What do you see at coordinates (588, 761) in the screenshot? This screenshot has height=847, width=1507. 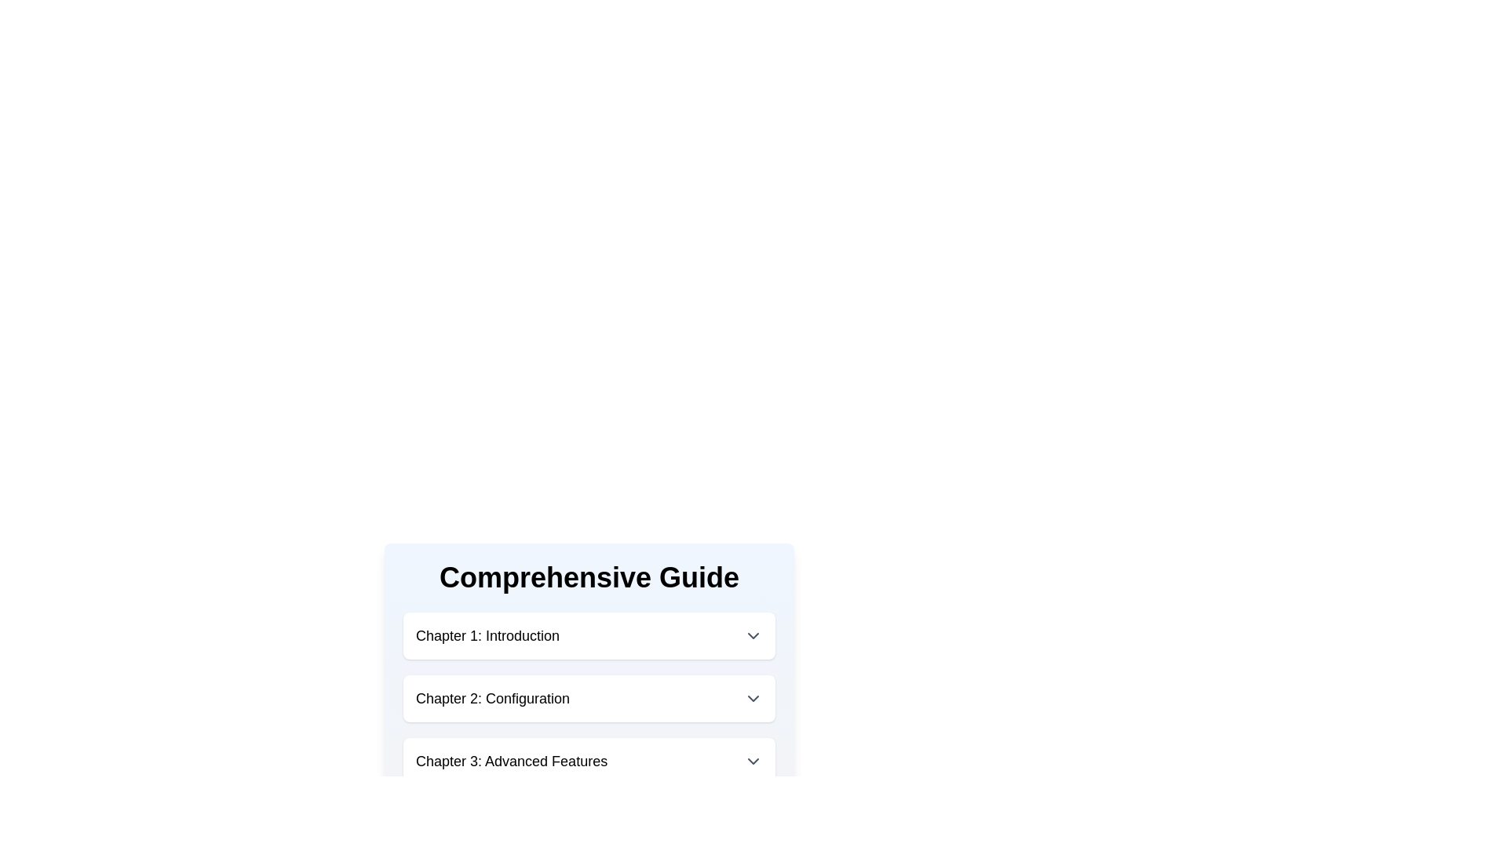 I see `the button labeled 'Chapter 3: Advanced Features'` at bounding box center [588, 761].